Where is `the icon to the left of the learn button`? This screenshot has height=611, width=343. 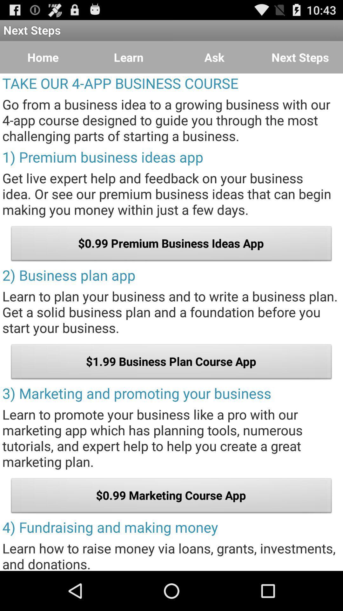
the icon to the left of the learn button is located at coordinates (43, 57).